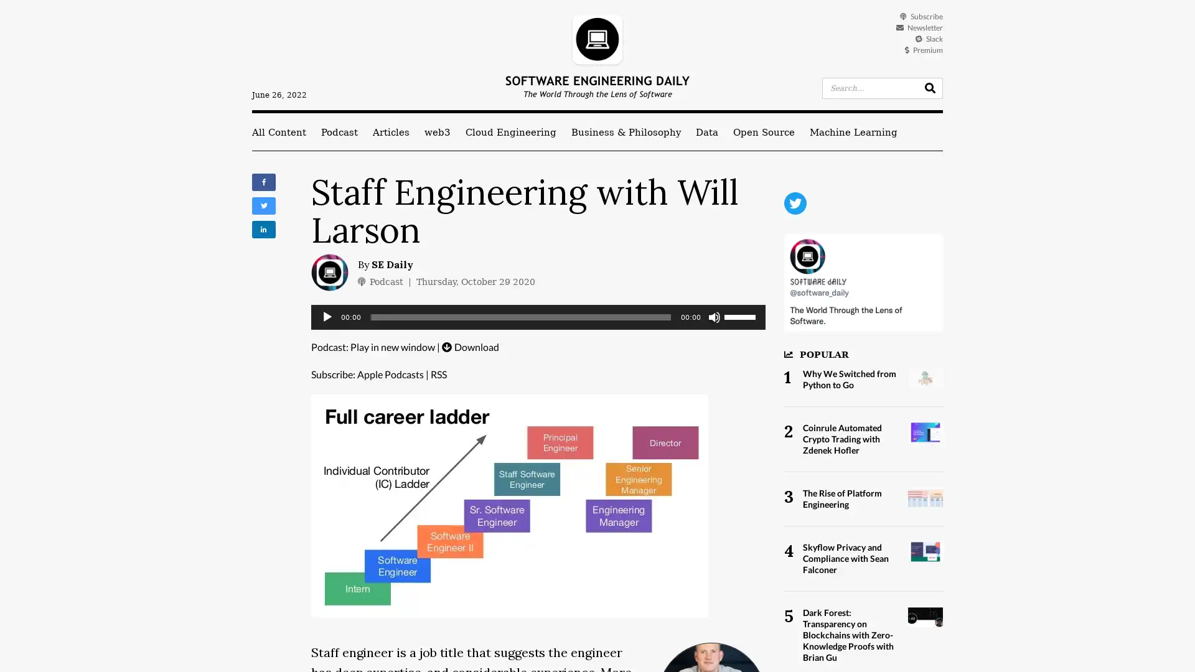 The image size is (1195, 672). I want to click on Mute, so click(714, 316).